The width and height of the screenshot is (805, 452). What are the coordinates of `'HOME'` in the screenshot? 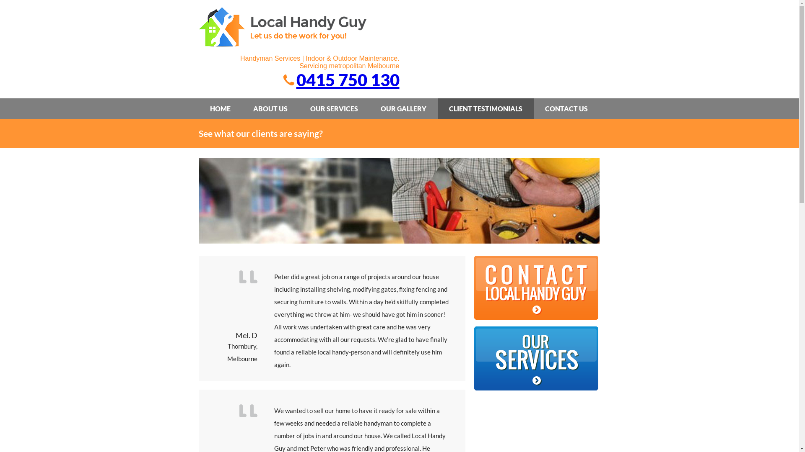 It's located at (220, 108).